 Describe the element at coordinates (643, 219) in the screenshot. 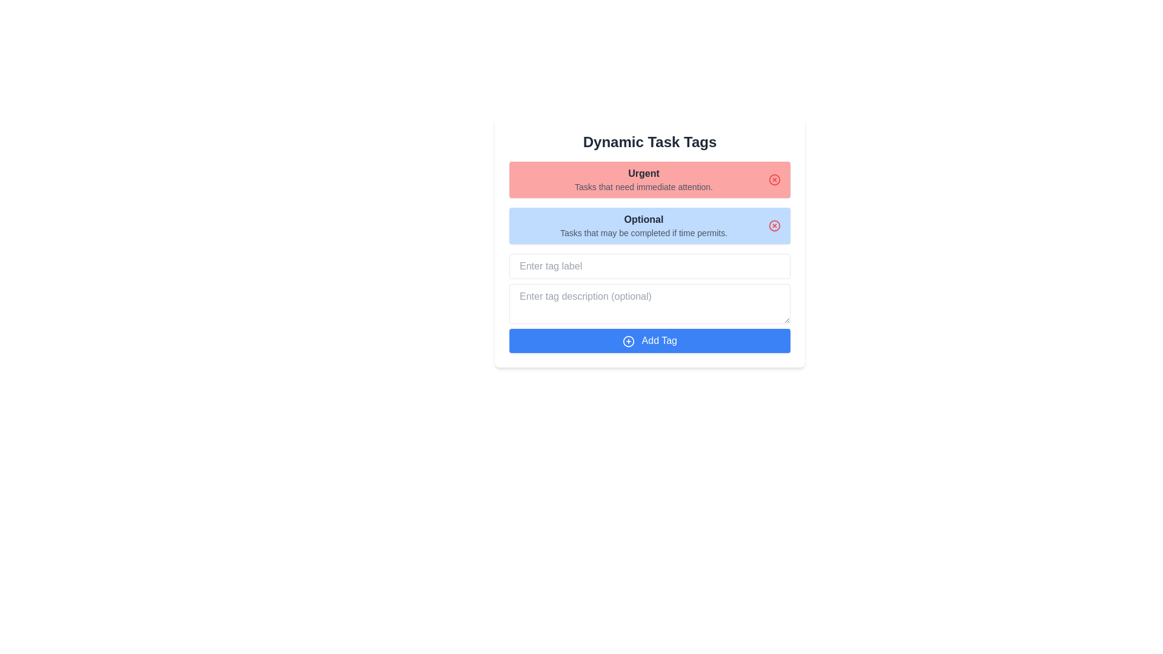

I see `Text element labeled 'Optional' which serves as a header for its section, to determine its styles or text value` at that location.